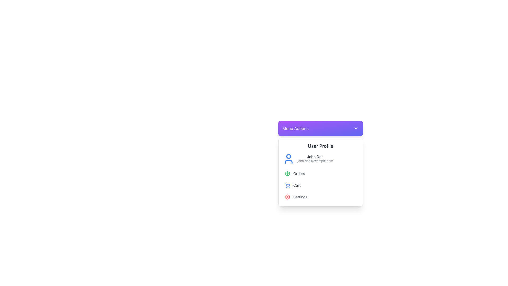  Describe the element at coordinates (300, 197) in the screenshot. I see `the clickable text label located at the bottom of the content card, which is the fourth option in the list and positioned to the right of a red gear-shaped icon` at that location.